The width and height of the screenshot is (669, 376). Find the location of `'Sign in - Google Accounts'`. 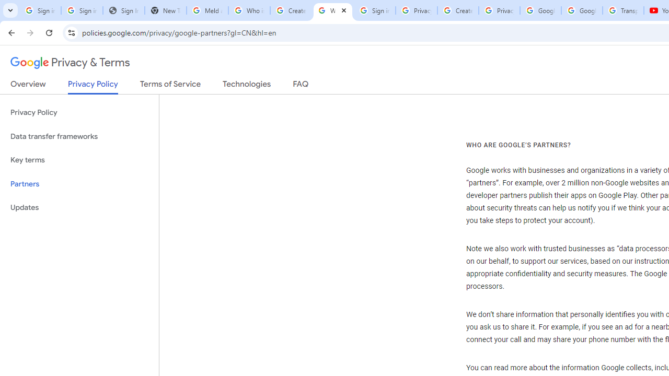

'Sign in - Google Accounts' is located at coordinates (374, 10).